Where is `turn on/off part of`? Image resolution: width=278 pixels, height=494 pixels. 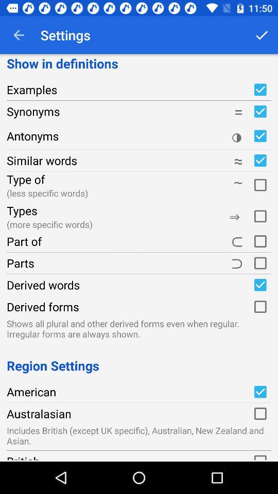
turn on/off part of is located at coordinates (259, 241).